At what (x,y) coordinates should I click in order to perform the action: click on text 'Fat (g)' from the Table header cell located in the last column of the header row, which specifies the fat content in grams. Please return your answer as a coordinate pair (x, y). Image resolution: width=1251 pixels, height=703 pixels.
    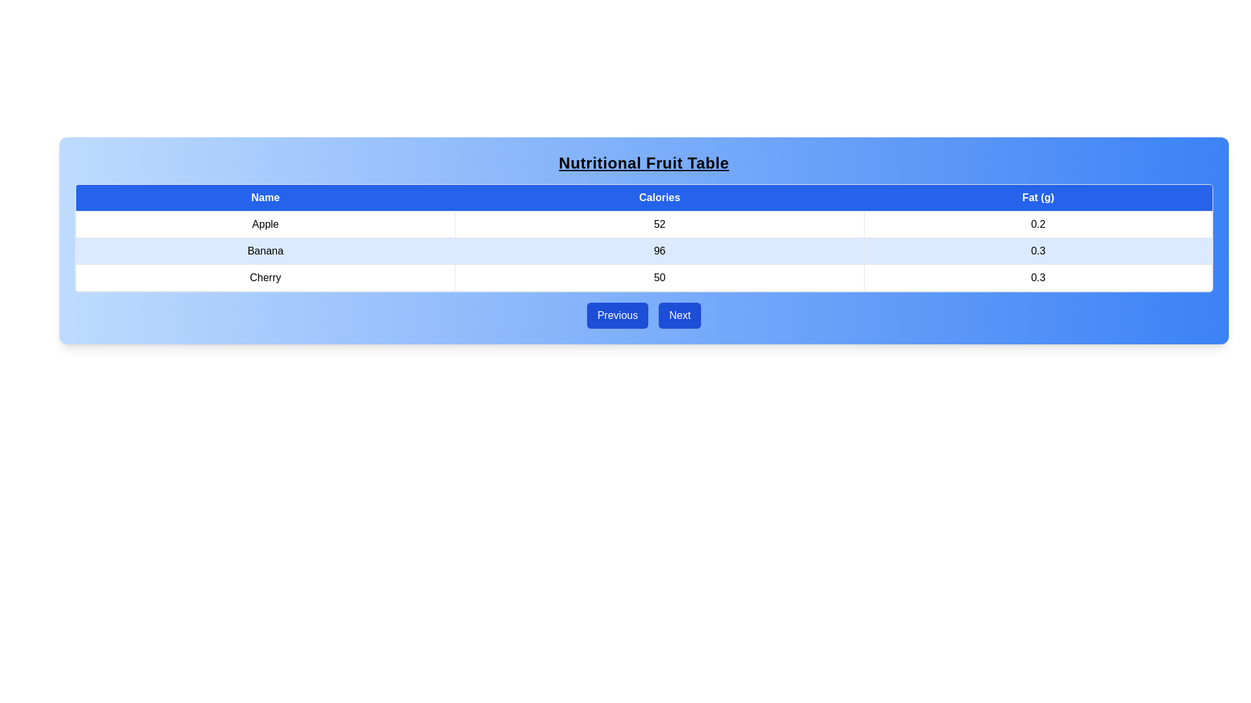
    Looking at the image, I should click on (1037, 198).